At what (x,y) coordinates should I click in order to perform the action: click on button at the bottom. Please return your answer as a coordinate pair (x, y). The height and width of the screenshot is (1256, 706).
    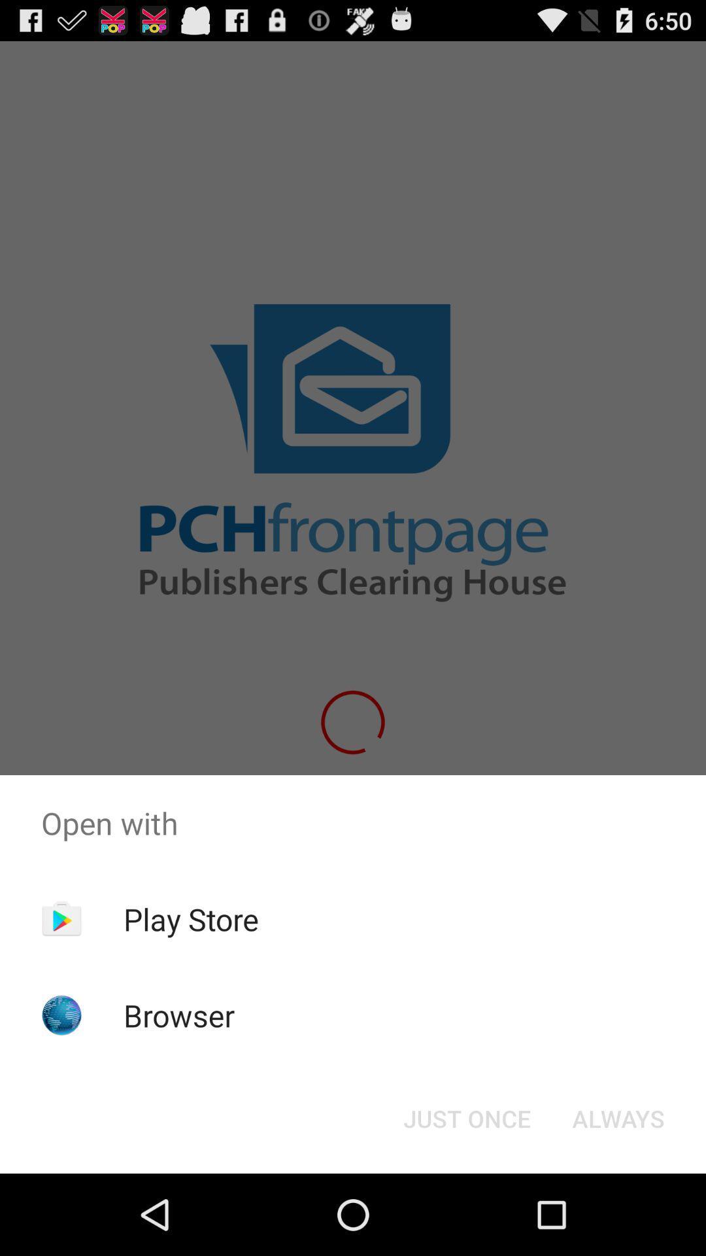
    Looking at the image, I should click on (466, 1117).